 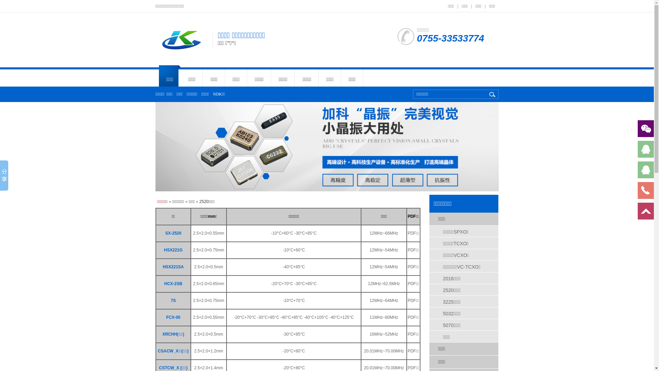 What do you see at coordinates (173, 233) in the screenshot?
I see `'SX-2520'` at bounding box center [173, 233].